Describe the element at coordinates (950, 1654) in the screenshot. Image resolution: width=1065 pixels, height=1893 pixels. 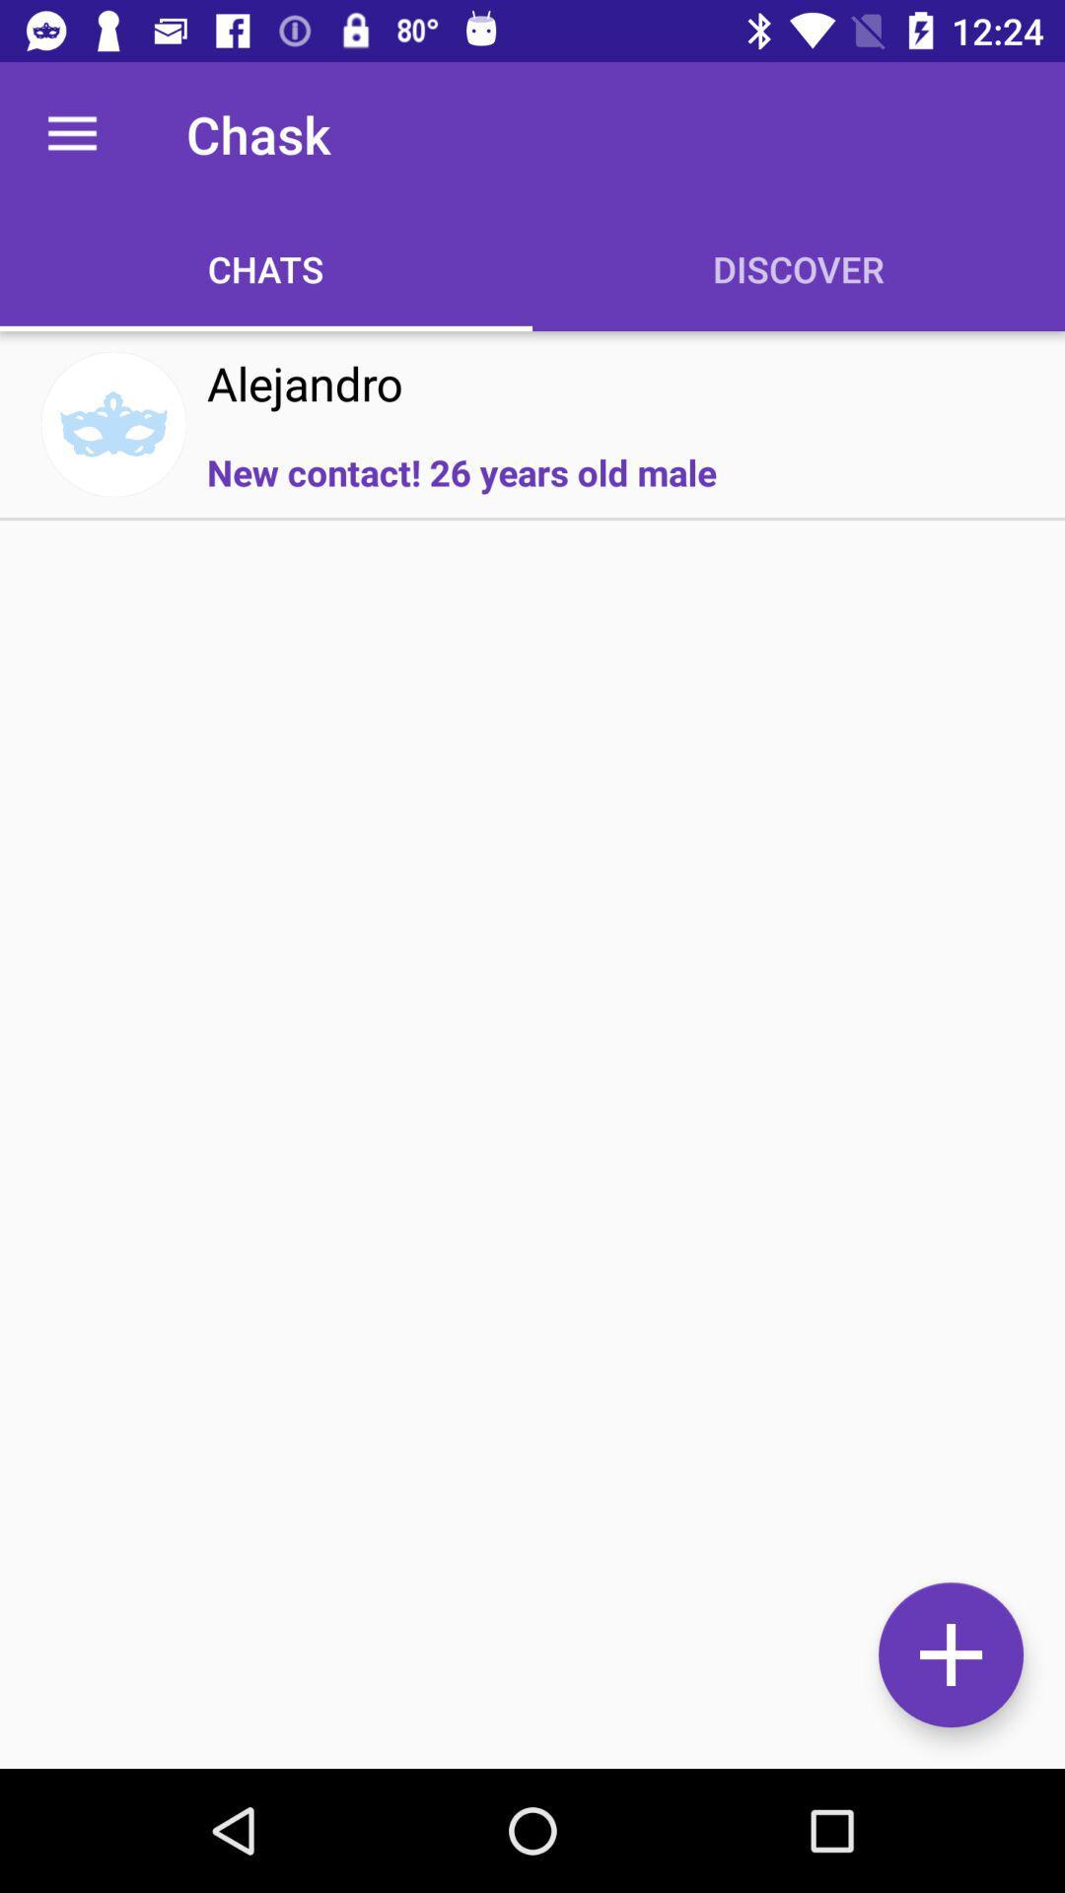
I see `icon at the bottom right corner` at that location.